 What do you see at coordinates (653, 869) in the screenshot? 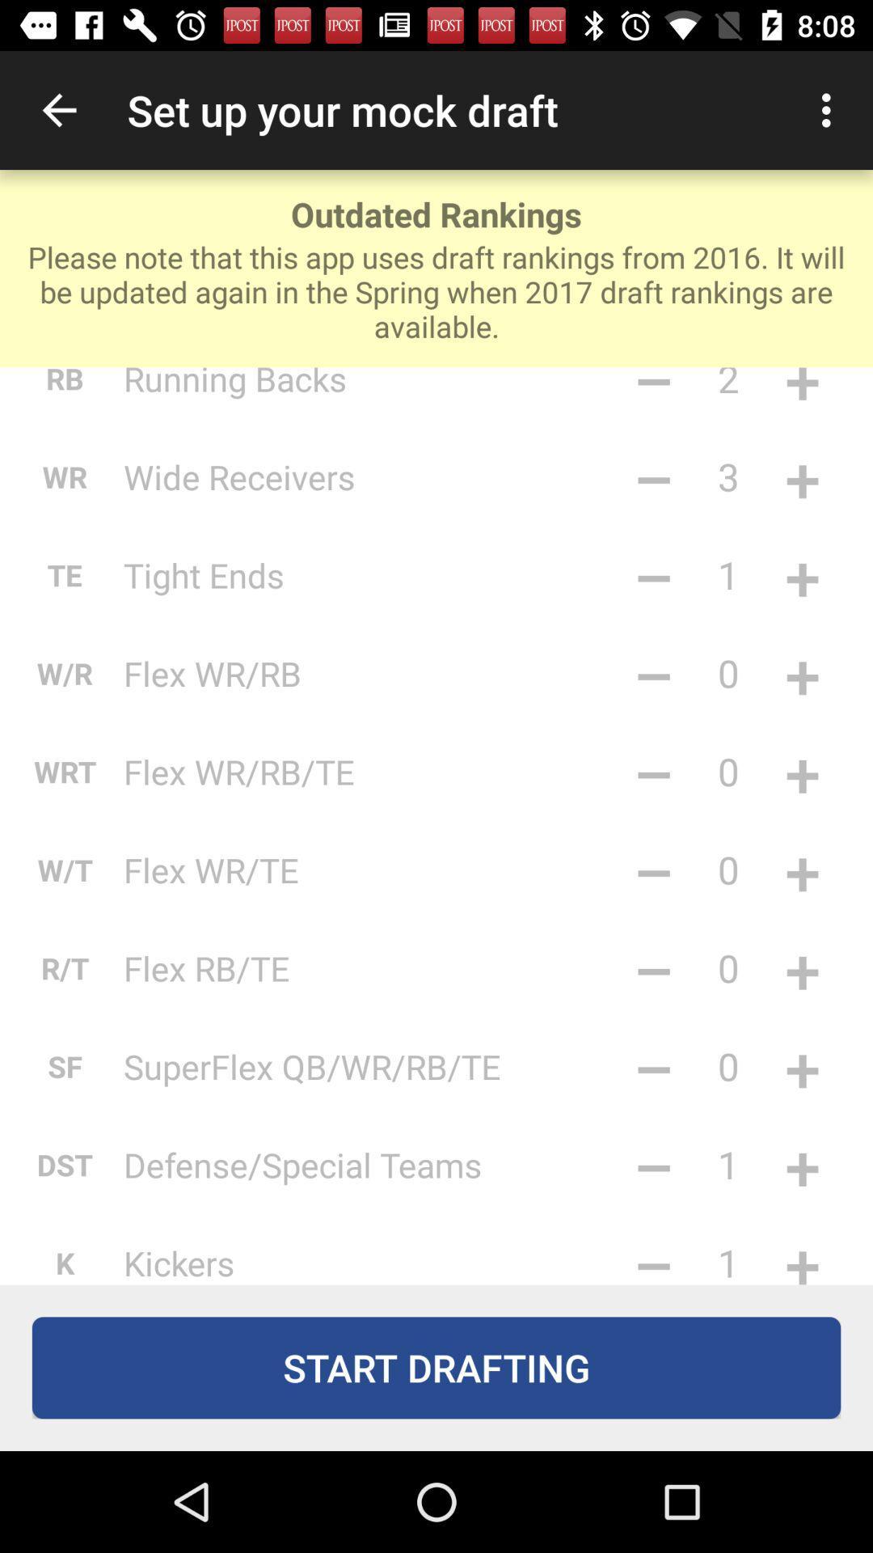
I see `the item next to 0 item` at bounding box center [653, 869].